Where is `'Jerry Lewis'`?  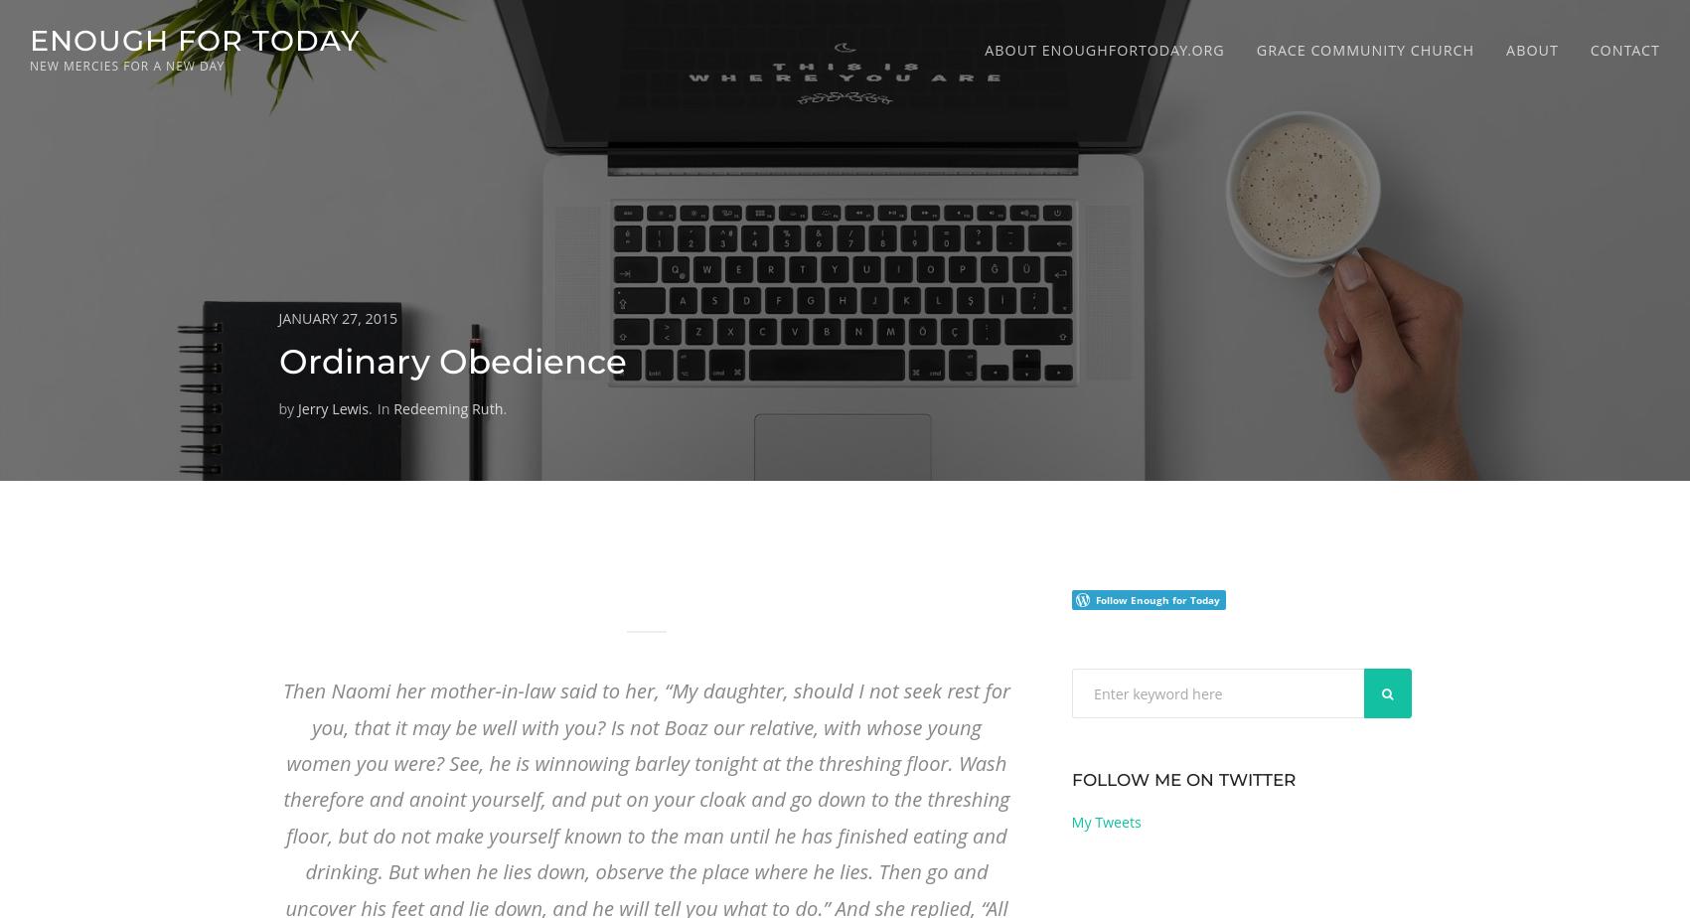
'Jerry Lewis' is located at coordinates (332, 407).